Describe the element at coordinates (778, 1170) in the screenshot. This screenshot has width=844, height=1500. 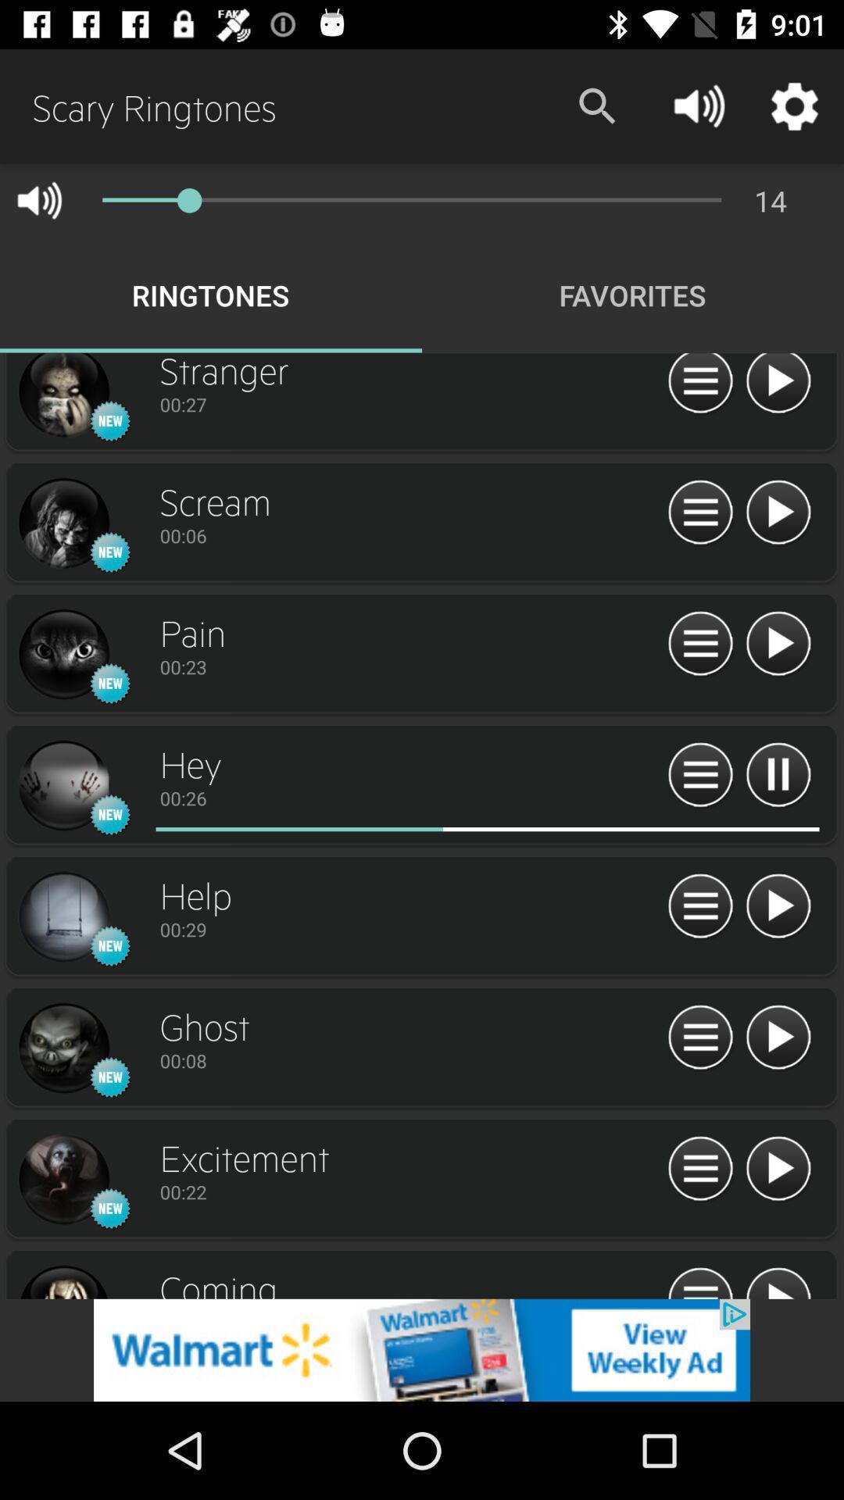
I see `option` at that location.